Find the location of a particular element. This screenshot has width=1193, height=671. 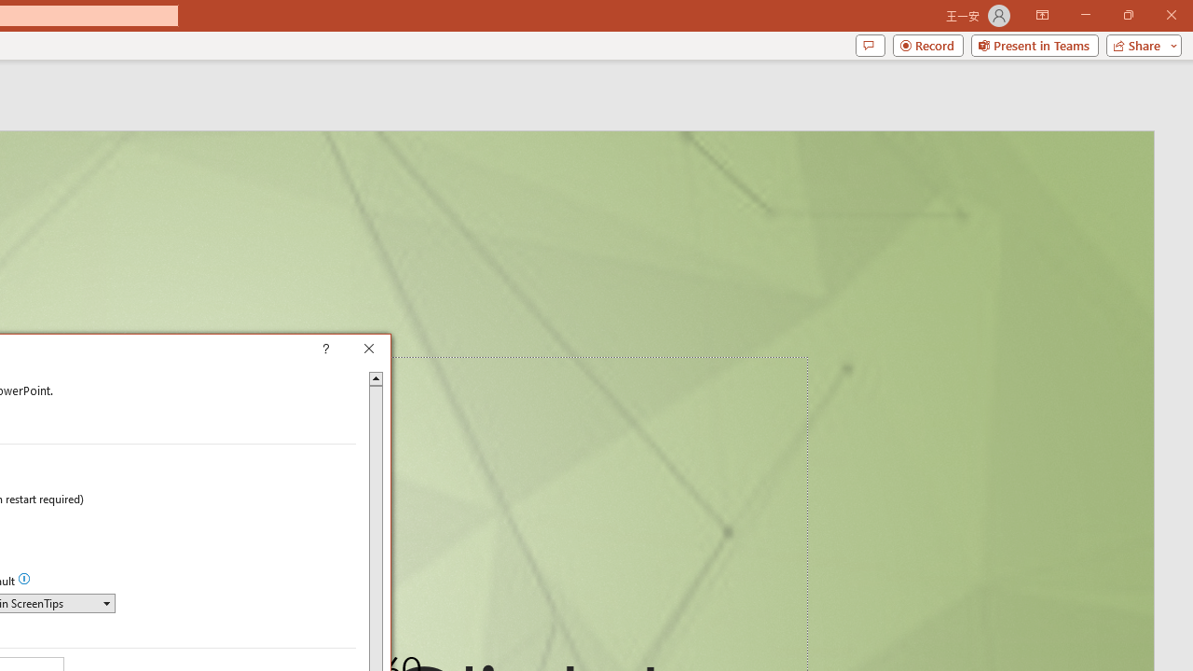

'Context help' is located at coordinates (352, 350).